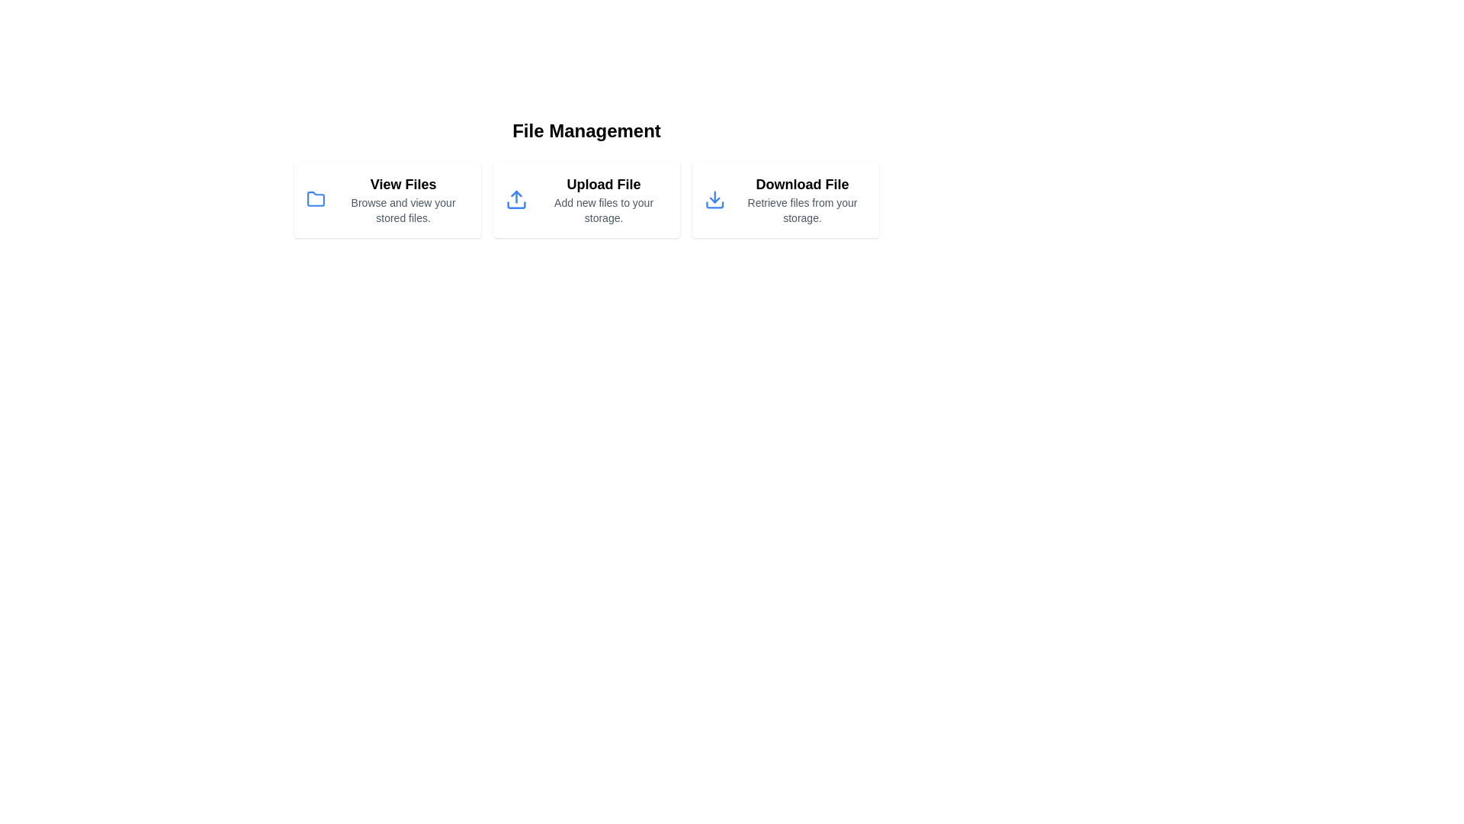  What do you see at coordinates (315, 198) in the screenshot?
I see `the 'View Files' folder icon located in the leftmost position under the 'File Management' header` at bounding box center [315, 198].